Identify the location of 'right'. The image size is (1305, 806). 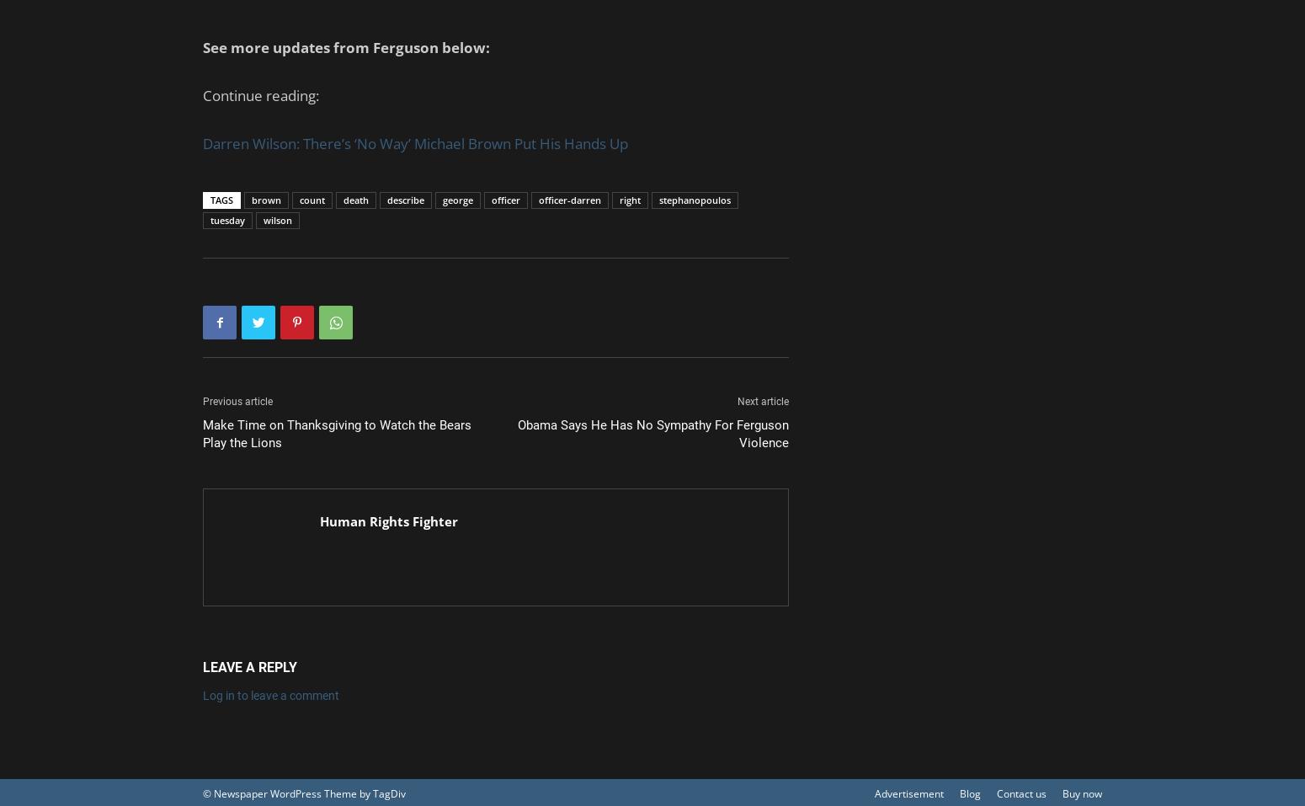
(630, 199).